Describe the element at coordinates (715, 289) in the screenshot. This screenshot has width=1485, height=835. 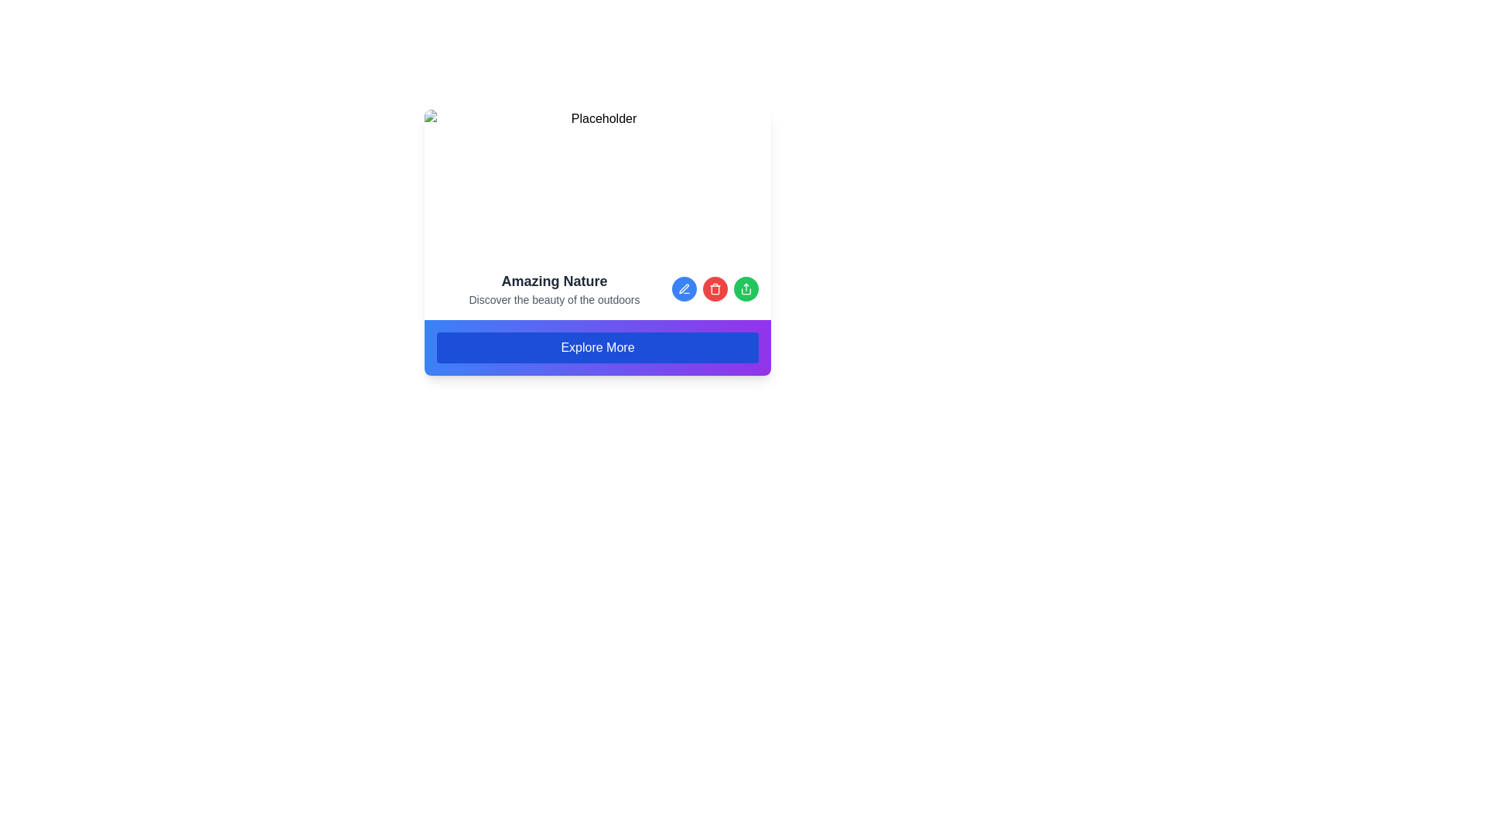
I see `the middle delete icon button located below the 'Amazing Nature' title` at that location.